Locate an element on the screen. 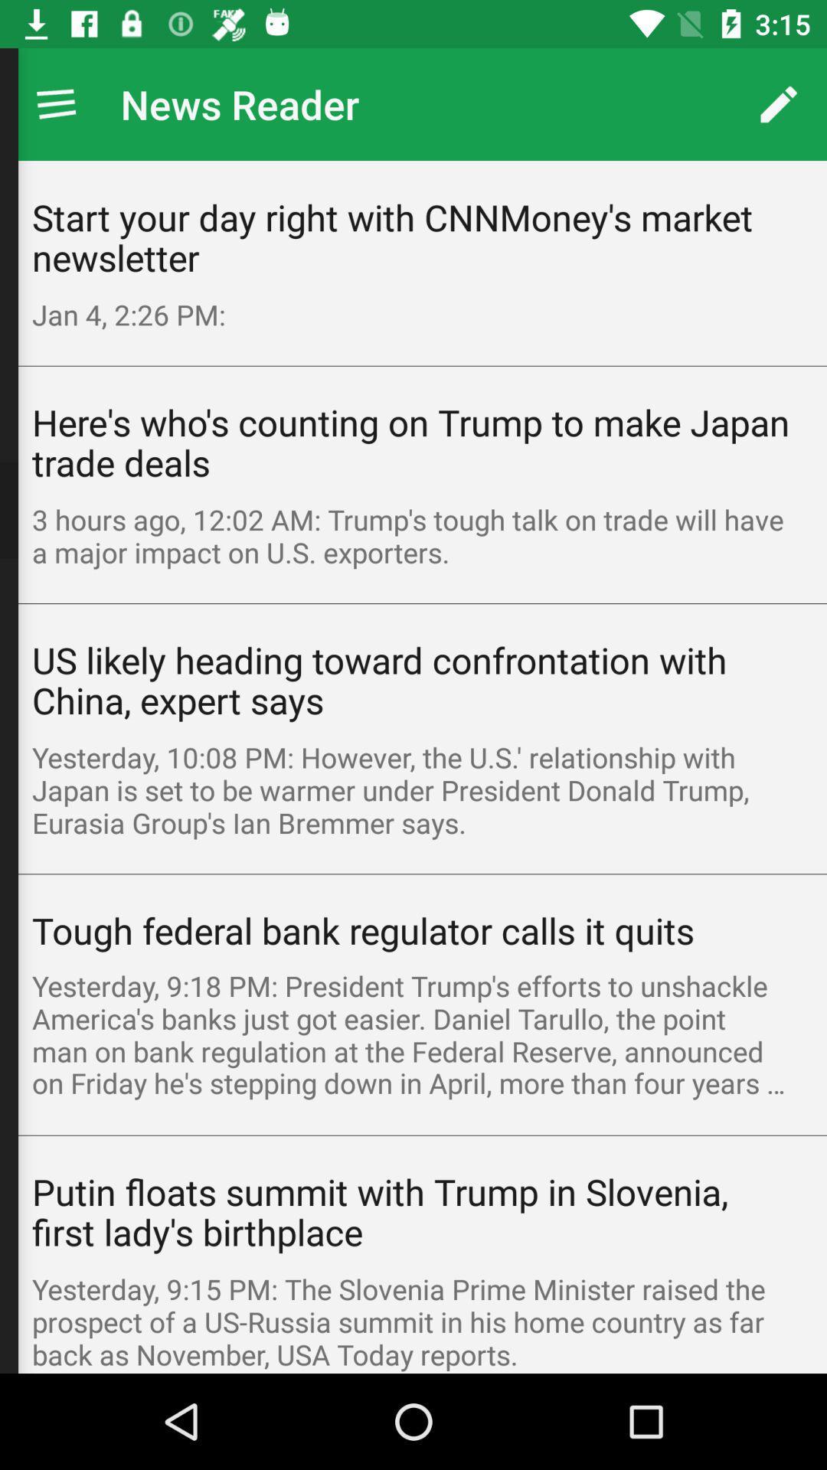 This screenshot has width=827, height=1470. app next to news reader is located at coordinates (779, 103).